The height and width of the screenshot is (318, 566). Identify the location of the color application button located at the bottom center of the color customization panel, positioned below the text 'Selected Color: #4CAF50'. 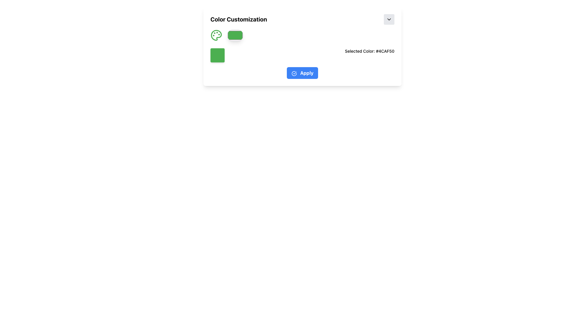
(302, 72).